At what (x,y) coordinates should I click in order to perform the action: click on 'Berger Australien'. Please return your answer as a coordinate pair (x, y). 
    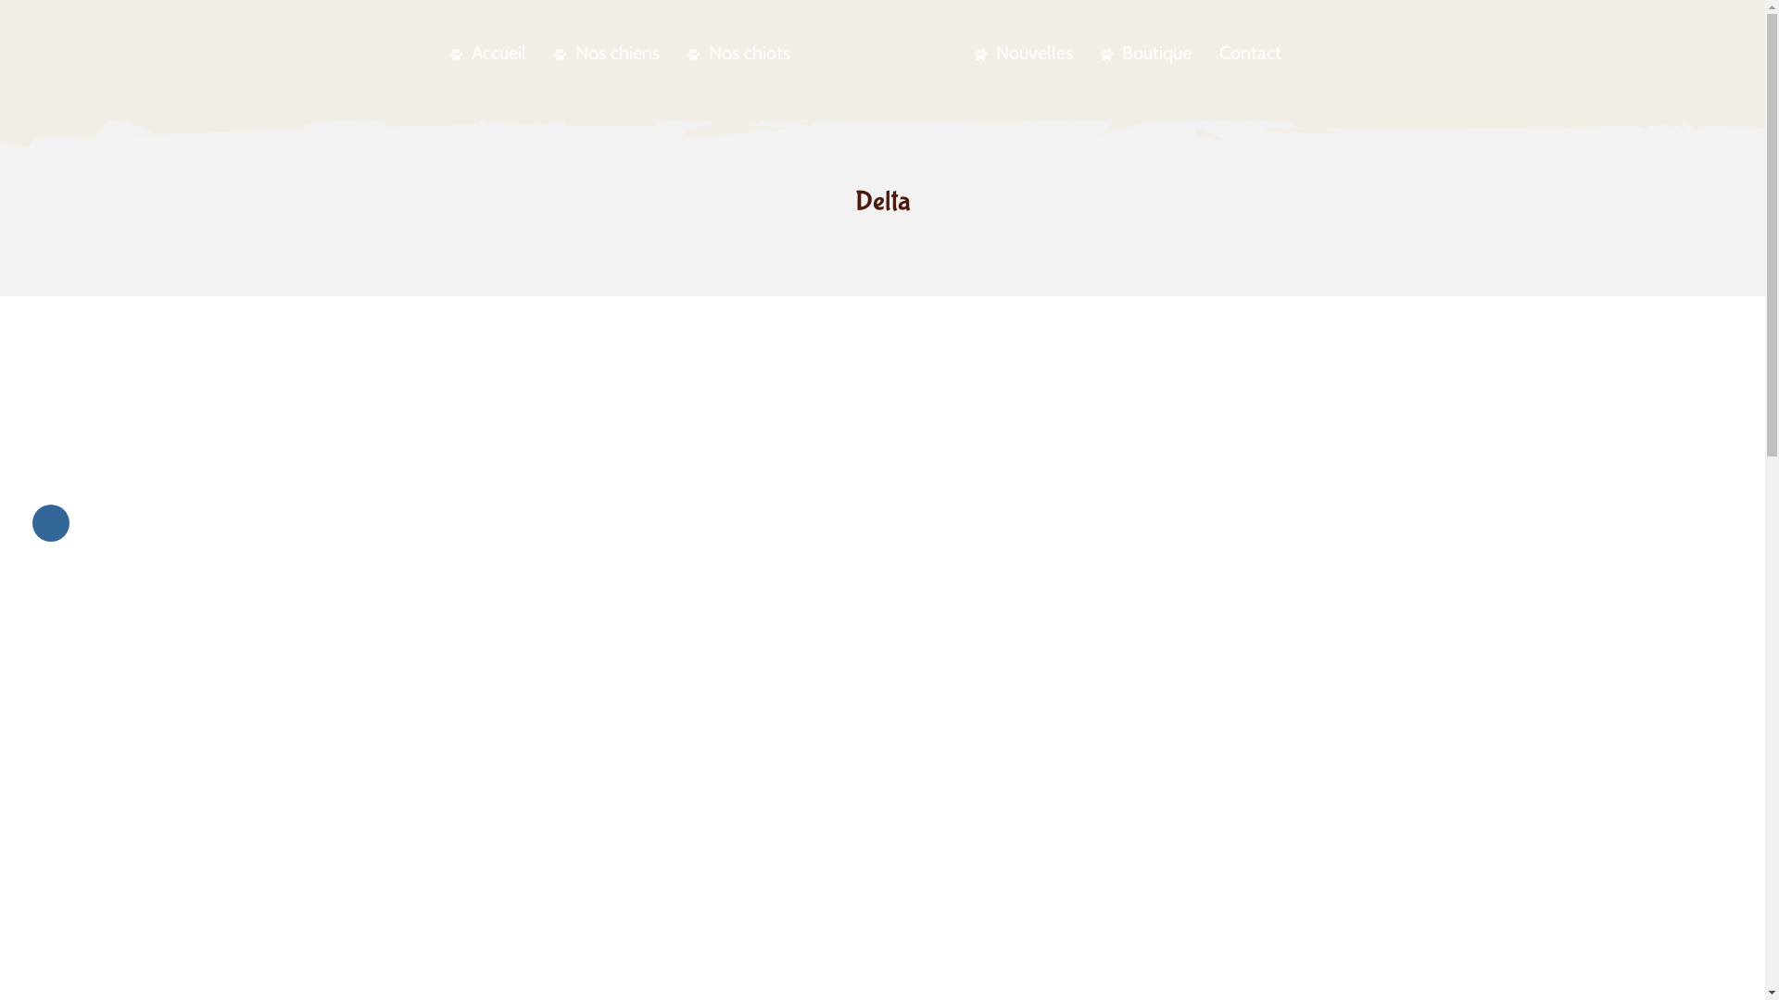
    Looking at the image, I should click on (880, 49).